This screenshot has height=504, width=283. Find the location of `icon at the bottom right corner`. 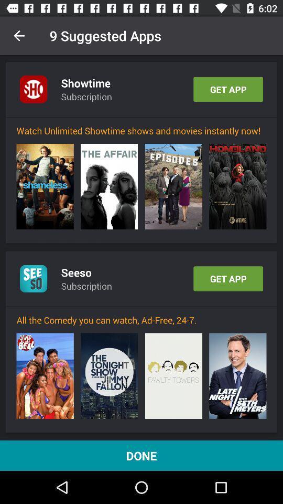

icon at the bottom right corner is located at coordinates (237, 376).